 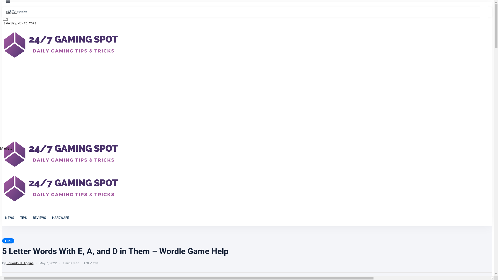 What do you see at coordinates (30, 218) in the screenshot?
I see `'REVIEWS'` at bounding box center [30, 218].